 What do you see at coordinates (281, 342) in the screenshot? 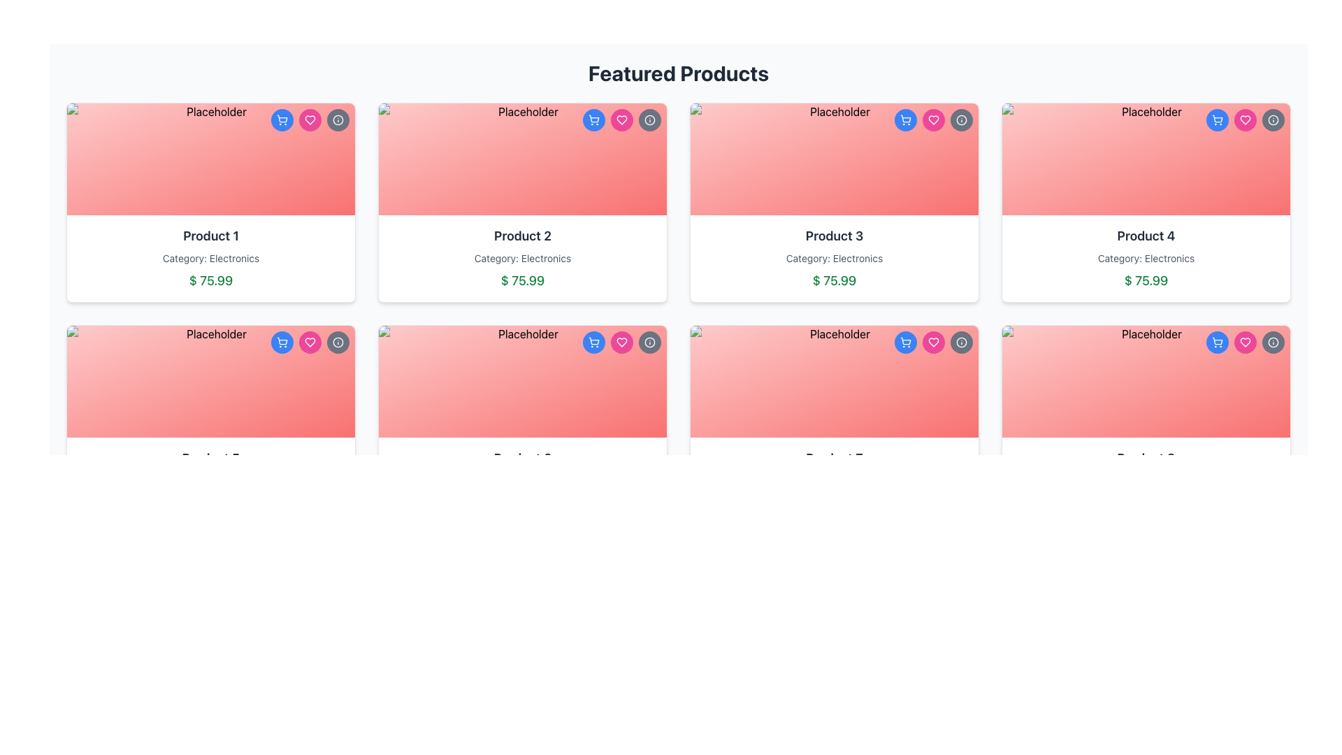
I see `the shopping cart icon button located in the top-right corner of the 'Product 1' card` at bounding box center [281, 342].